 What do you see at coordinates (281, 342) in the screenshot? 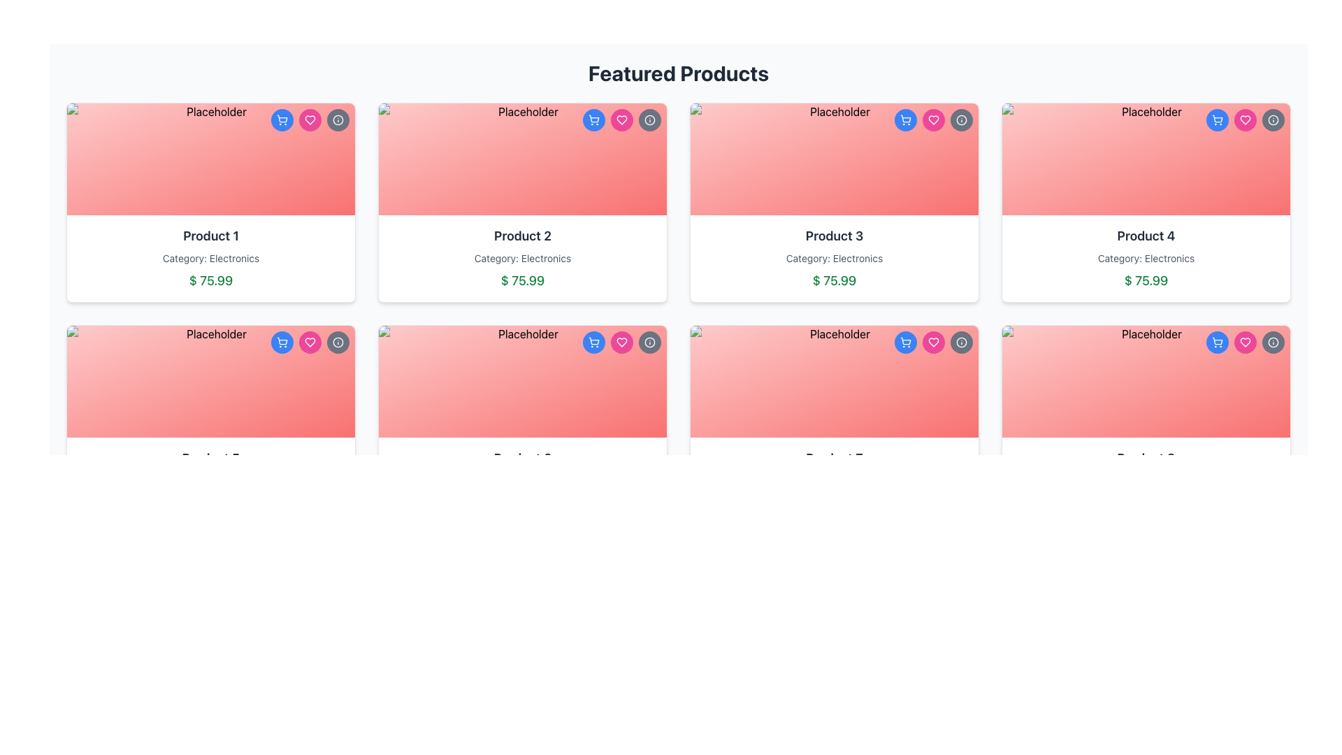
I see `the shopping cart icon button located in the top-right corner of the 'Product 1' card` at bounding box center [281, 342].